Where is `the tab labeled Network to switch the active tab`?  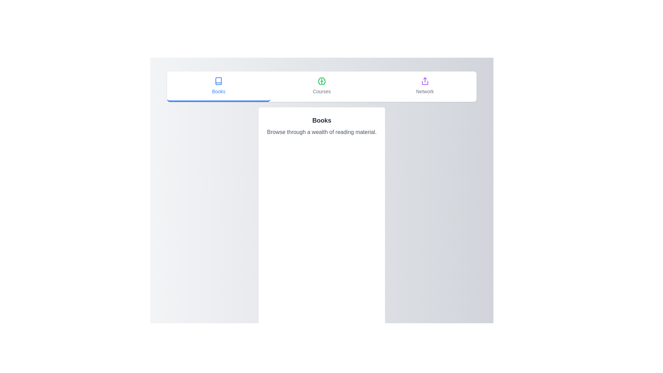 the tab labeled Network to switch the active tab is located at coordinates (424, 86).